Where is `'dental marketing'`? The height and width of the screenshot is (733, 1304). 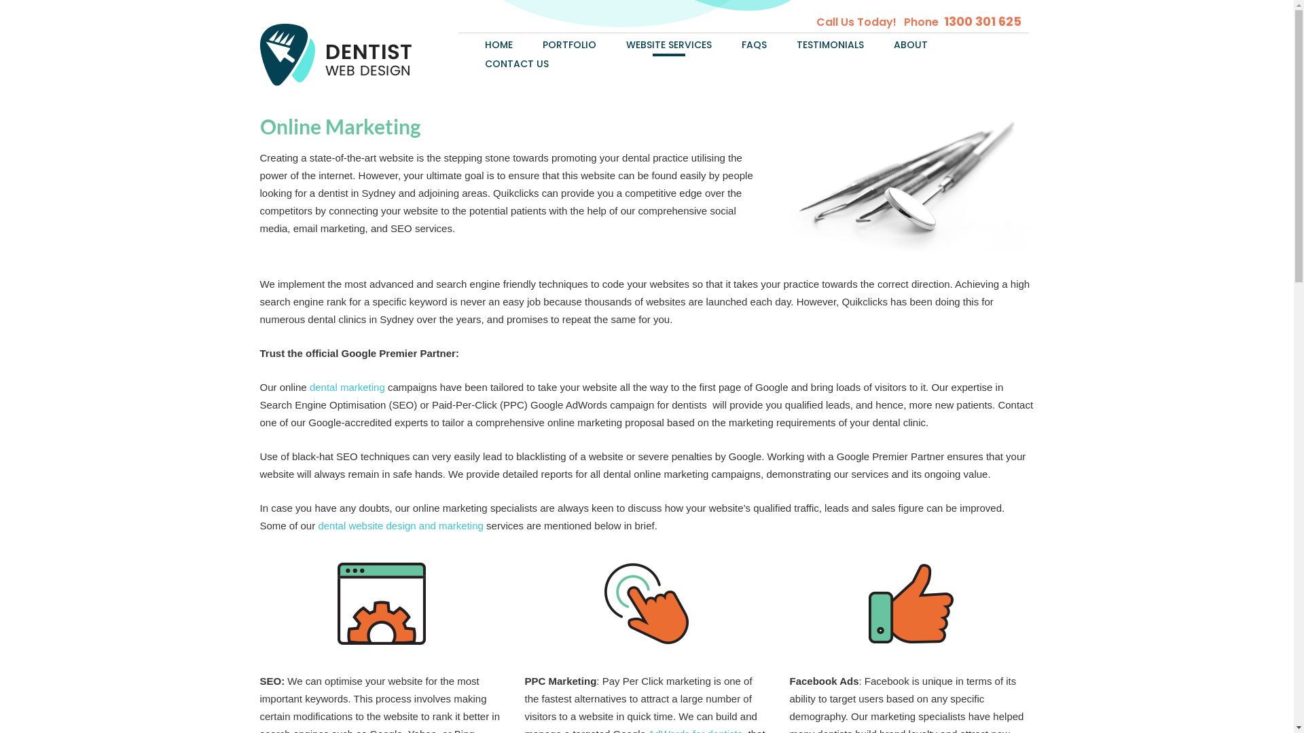
'dental marketing' is located at coordinates (309, 387).